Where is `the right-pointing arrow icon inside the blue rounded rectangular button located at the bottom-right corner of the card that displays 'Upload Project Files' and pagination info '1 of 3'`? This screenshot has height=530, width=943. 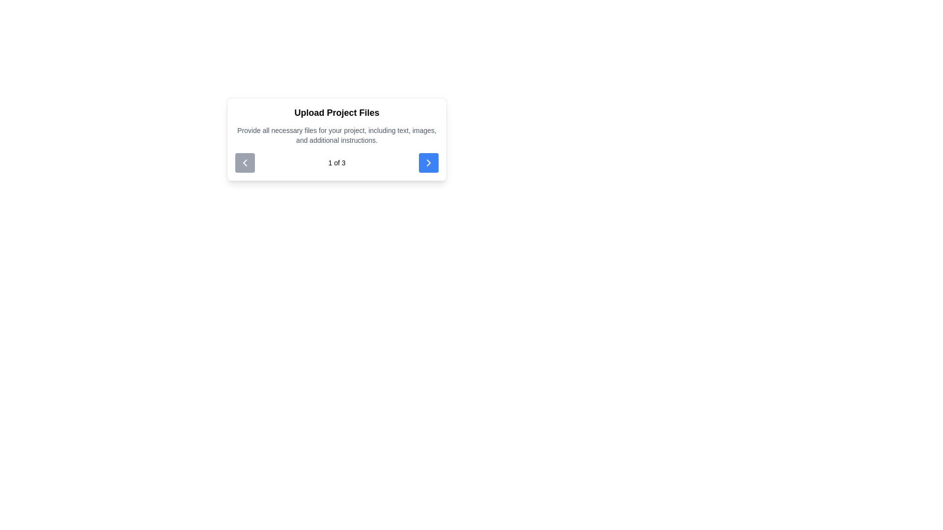 the right-pointing arrow icon inside the blue rounded rectangular button located at the bottom-right corner of the card that displays 'Upload Project Files' and pagination info '1 of 3' is located at coordinates (429, 162).